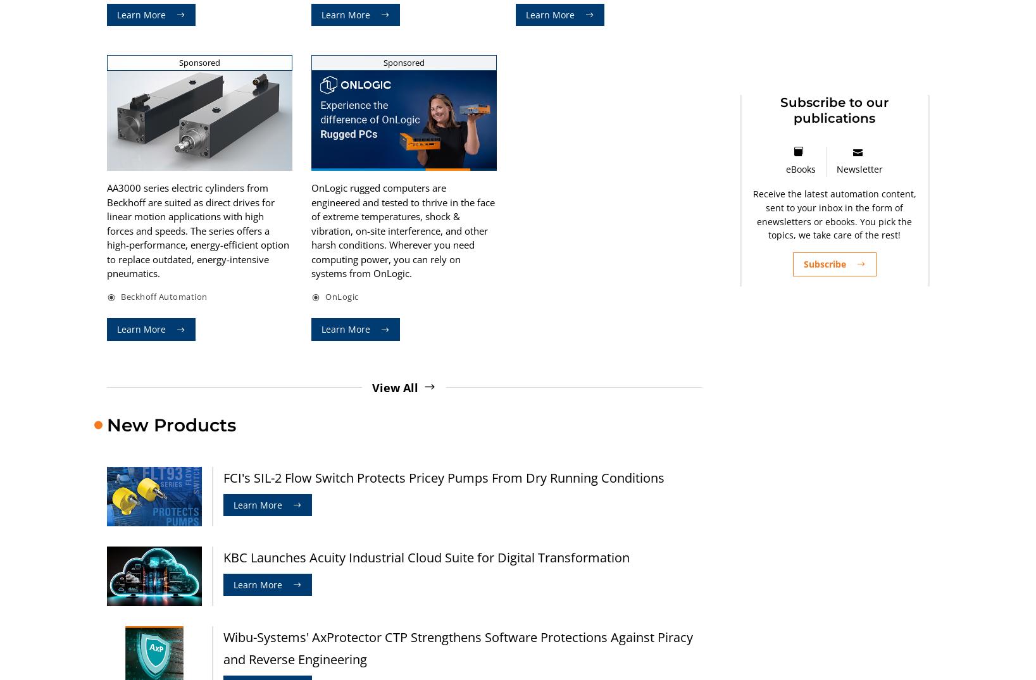 This screenshot has height=680, width=1036. Describe the element at coordinates (833, 213) in the screenshot. I see `'Receive the latest automation content, sent to your inbox in the form of enewsletters or ebooks. You pick the topics, we take care of the rest!'` at that location.